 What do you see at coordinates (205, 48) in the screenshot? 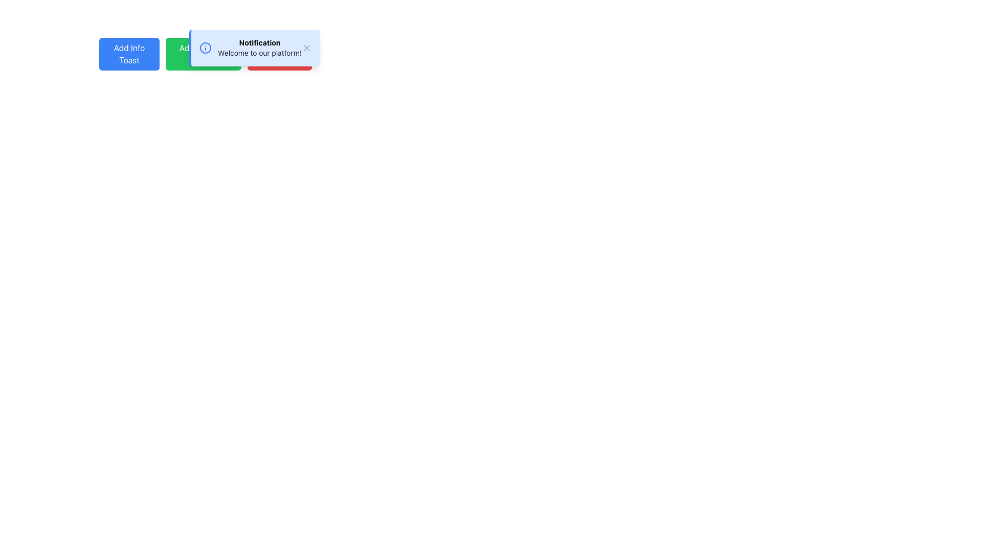
I see `the blue circular outline of the info icon located at the top-left corner of the notification toast, which is beside the title text 'Notification.'` at bounding box center [205, 48].